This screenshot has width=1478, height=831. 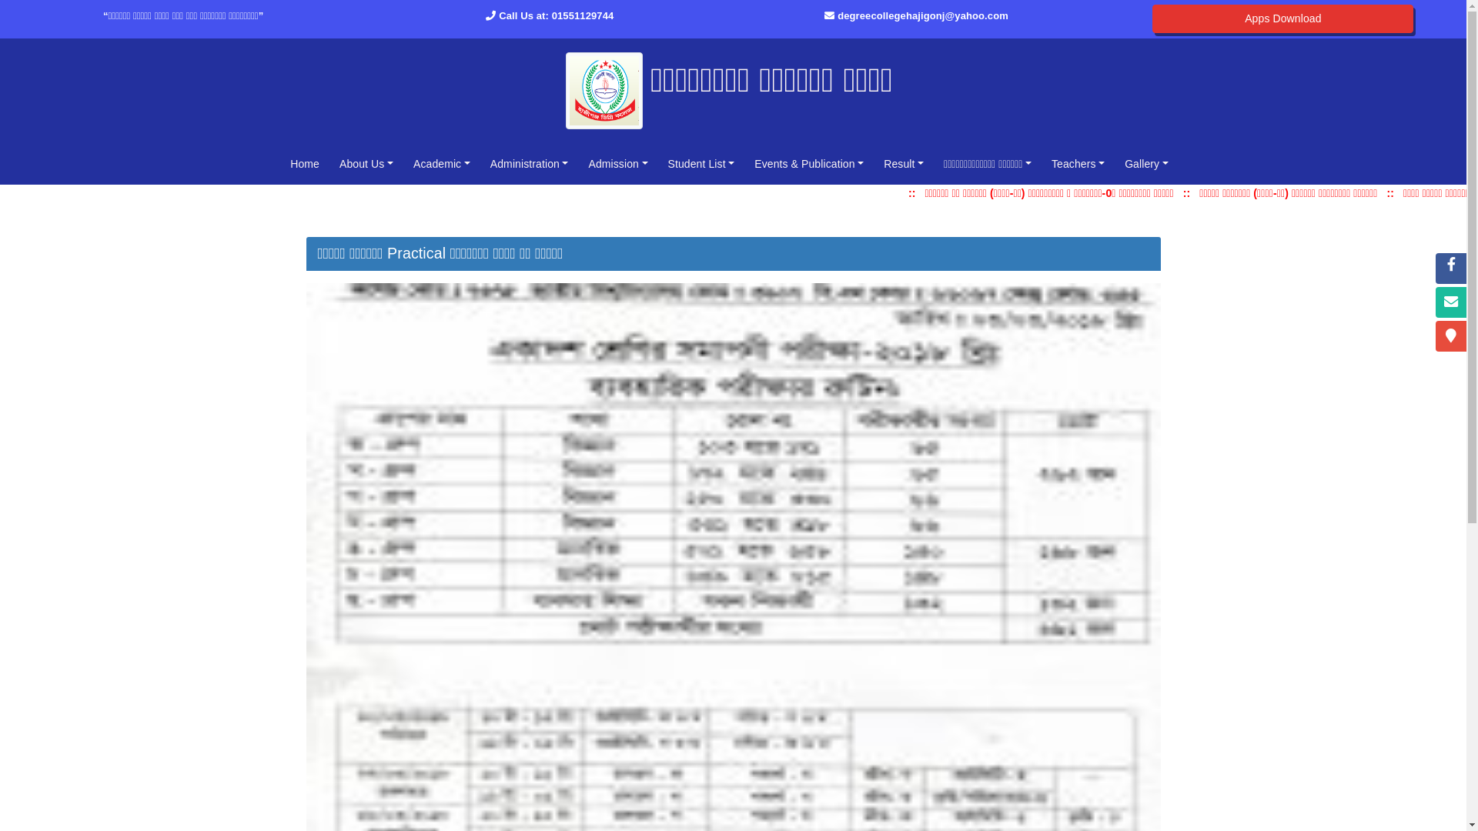 What do you see at coordinates (701, 163) in the screenshot?
I see `'Student List'` at bounding box center [701, 163].